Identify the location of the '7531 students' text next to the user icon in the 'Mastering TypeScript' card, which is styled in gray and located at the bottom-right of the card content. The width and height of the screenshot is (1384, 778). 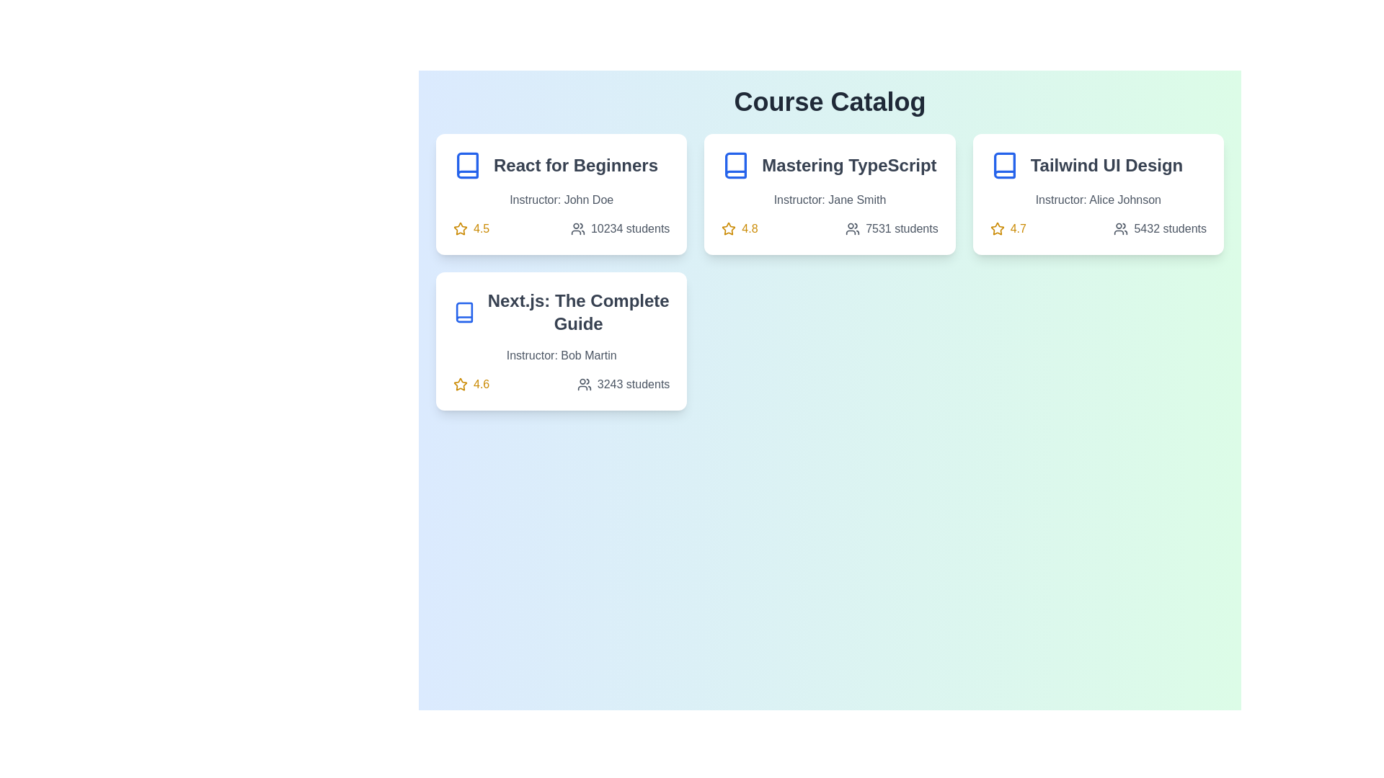
(891, 228).